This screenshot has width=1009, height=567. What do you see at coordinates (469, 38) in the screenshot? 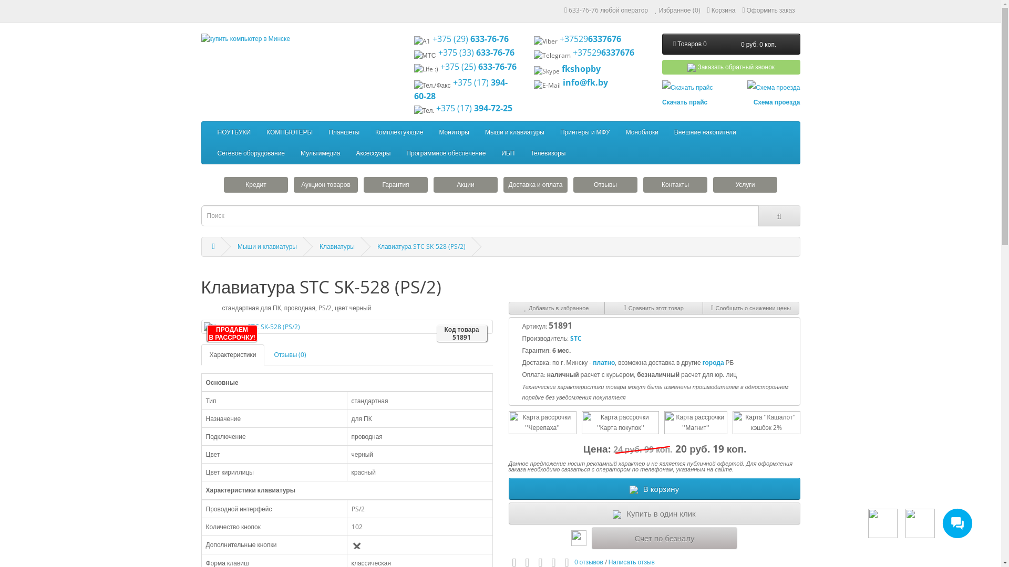
I see `'+375 (29) 633-76-76'` at bounding box center [469, 38].